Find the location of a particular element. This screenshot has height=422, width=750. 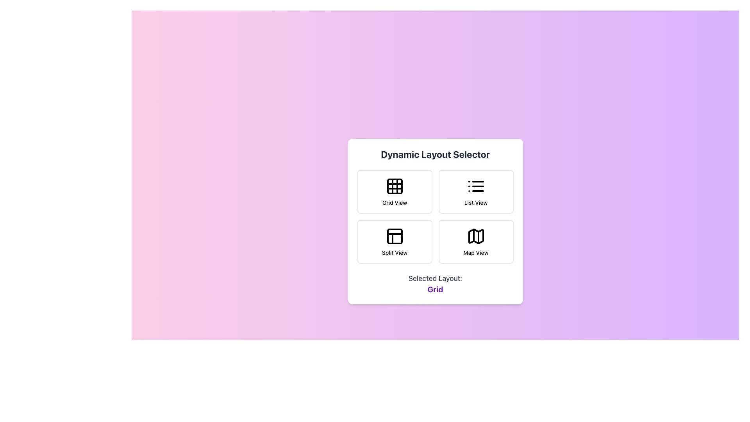

the 'Map View' button located in the lower-right corner of the grid layout is located at coordinates (475, 241).